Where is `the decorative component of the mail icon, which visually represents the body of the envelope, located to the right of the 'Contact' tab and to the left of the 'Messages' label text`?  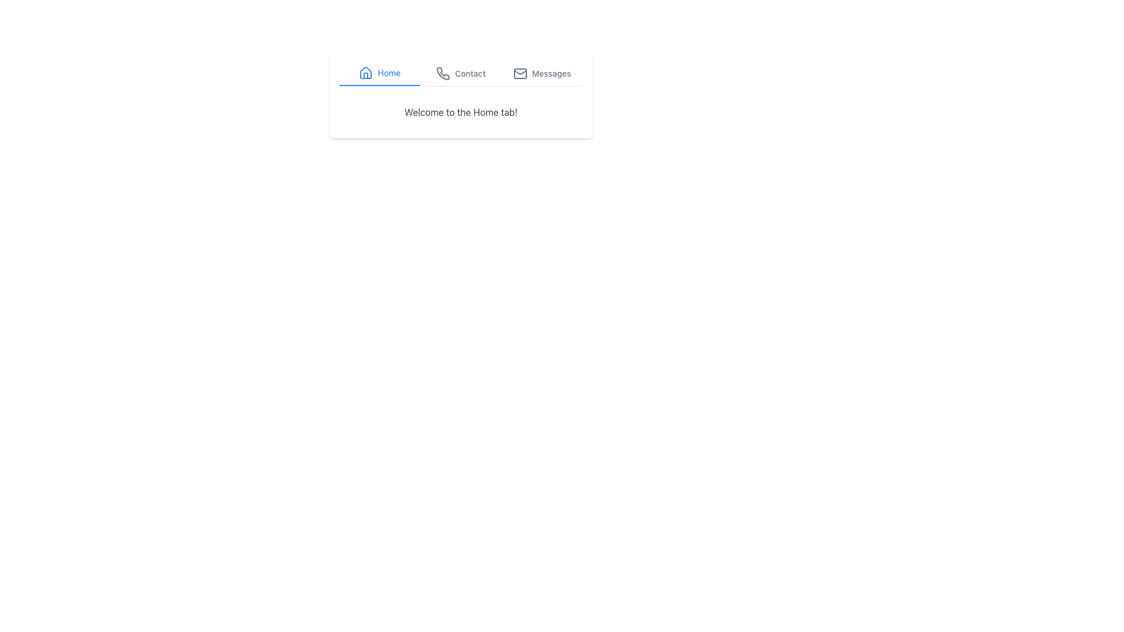 the decorative component of the mail icon, which visually represents the body of the envelope, located to the right of the 'Contact' tab and to the left of the 'Messages' label text is located at coordinates (519, 74).